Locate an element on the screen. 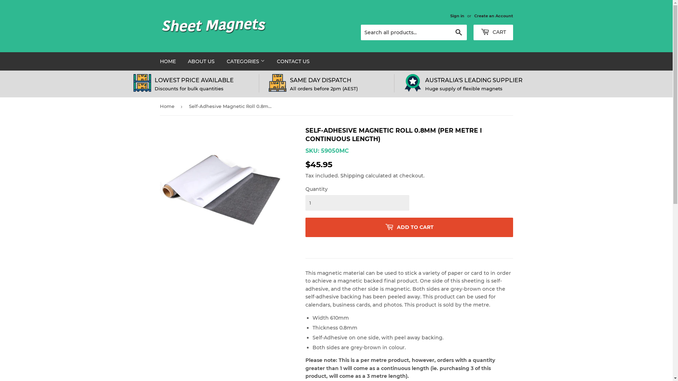 Image resolution: width=678 pixels, height=381 pixels. 'Search' is located at coordinates (458, 32).